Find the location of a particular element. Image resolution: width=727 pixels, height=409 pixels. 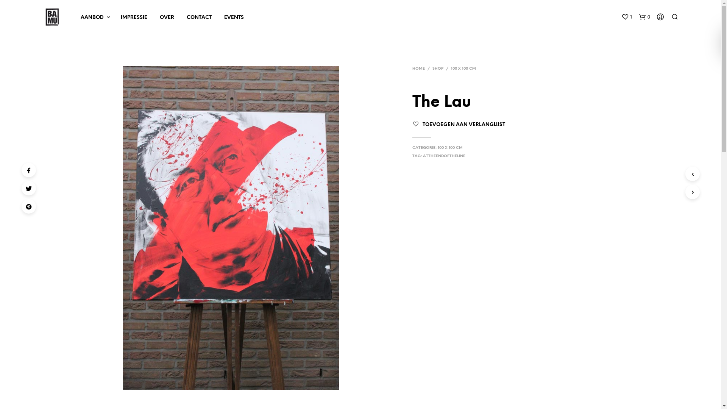

'ATEOTL-200-054_THELAU' is located at coordinates (230, 228).